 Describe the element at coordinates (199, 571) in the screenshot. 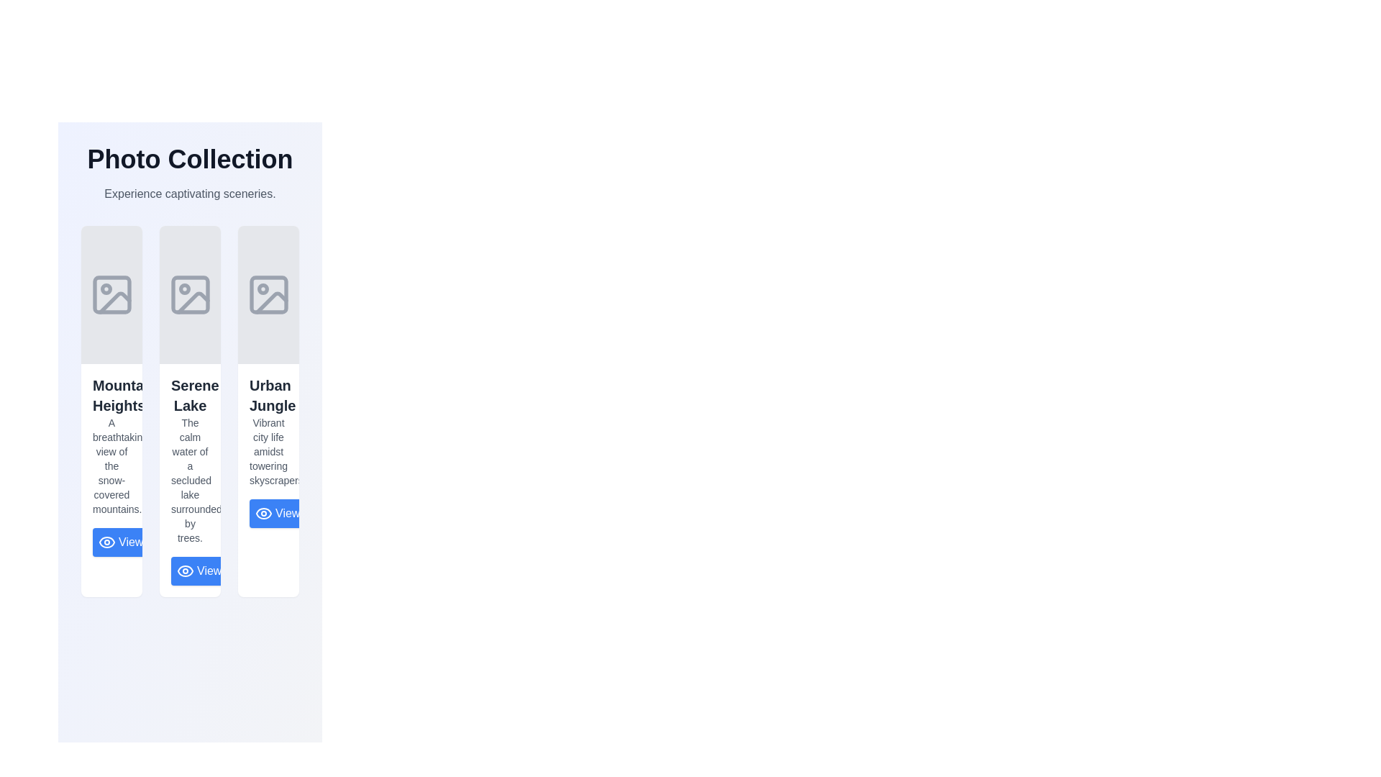

I see `the 'View' button located in the middle column, directly below the 'Serene Lake' description` at that location.